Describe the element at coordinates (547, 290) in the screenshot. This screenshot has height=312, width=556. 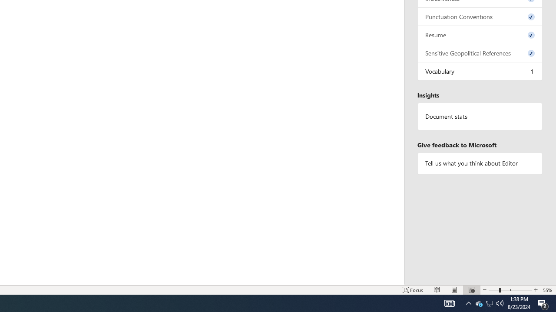
I see `'Zoom 55%'` at that location.